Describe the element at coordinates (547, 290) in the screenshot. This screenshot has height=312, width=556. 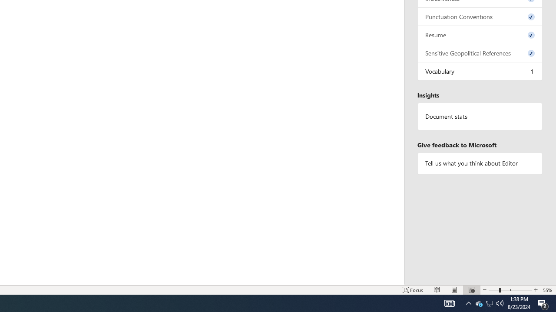
I see `'Zoom 55%'` at that location.